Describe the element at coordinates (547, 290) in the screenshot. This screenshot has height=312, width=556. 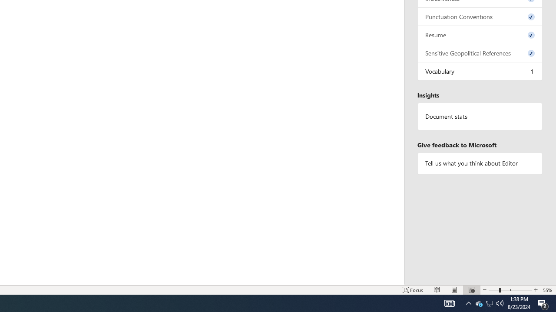
I see `'Zoom 55%'` at that location.